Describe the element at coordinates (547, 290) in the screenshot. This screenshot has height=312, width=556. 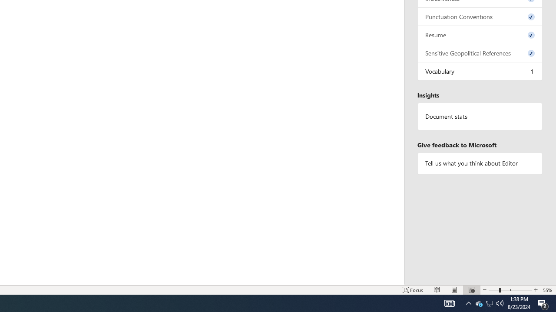
I see `'Zoom 55%'` at that location.